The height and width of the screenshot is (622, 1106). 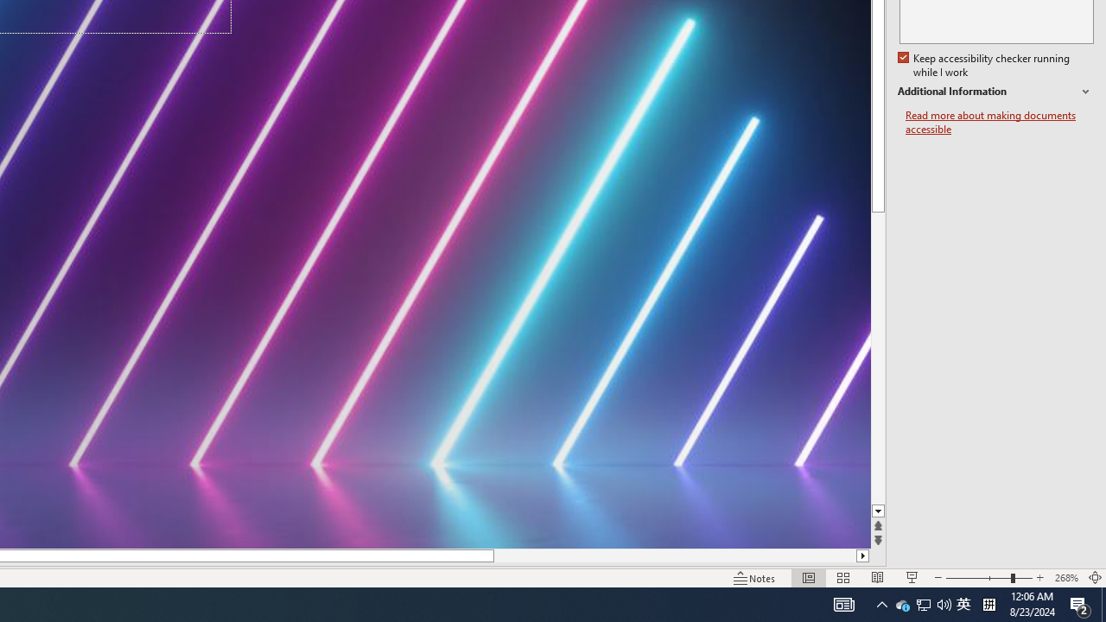 What do you see at coordinates (1065, 578) in the screenshot?
I see `'Zoom 268%'` at bounding box center [1065, 578].